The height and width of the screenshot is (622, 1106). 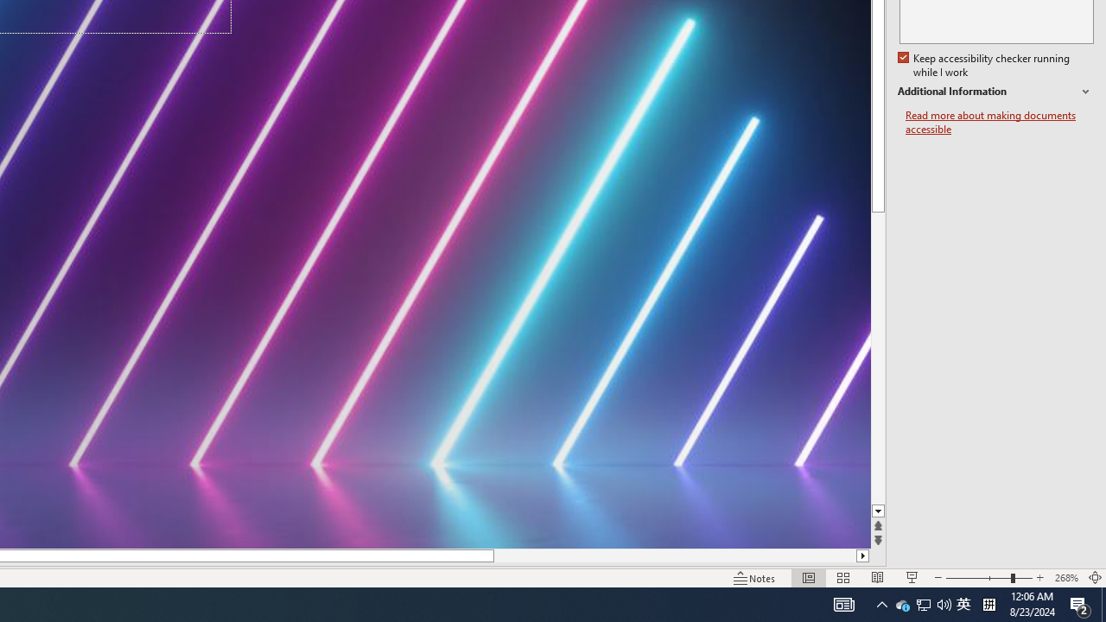 What do you see at coordinates (1065, 578) in the screenshot?
I see `'Zoom 268%'` at bounding box center [1065, 578].